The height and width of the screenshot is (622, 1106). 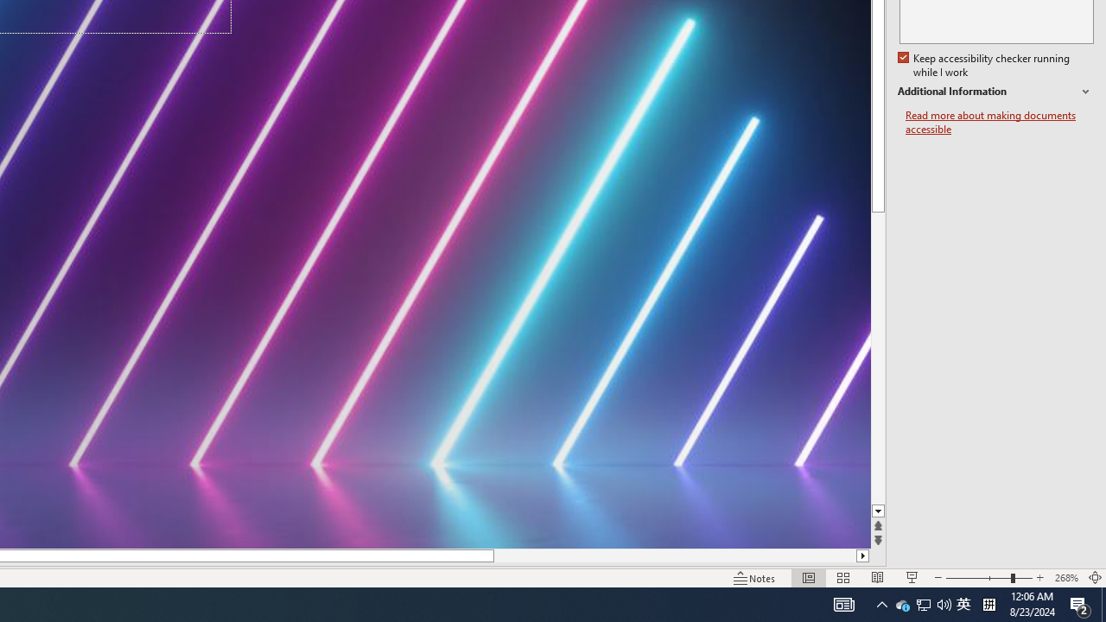 What do you see at coordinates (1065, 578) in the screenshot?
I see `'Zoom 268%'` at bounding box center [1065, 578].